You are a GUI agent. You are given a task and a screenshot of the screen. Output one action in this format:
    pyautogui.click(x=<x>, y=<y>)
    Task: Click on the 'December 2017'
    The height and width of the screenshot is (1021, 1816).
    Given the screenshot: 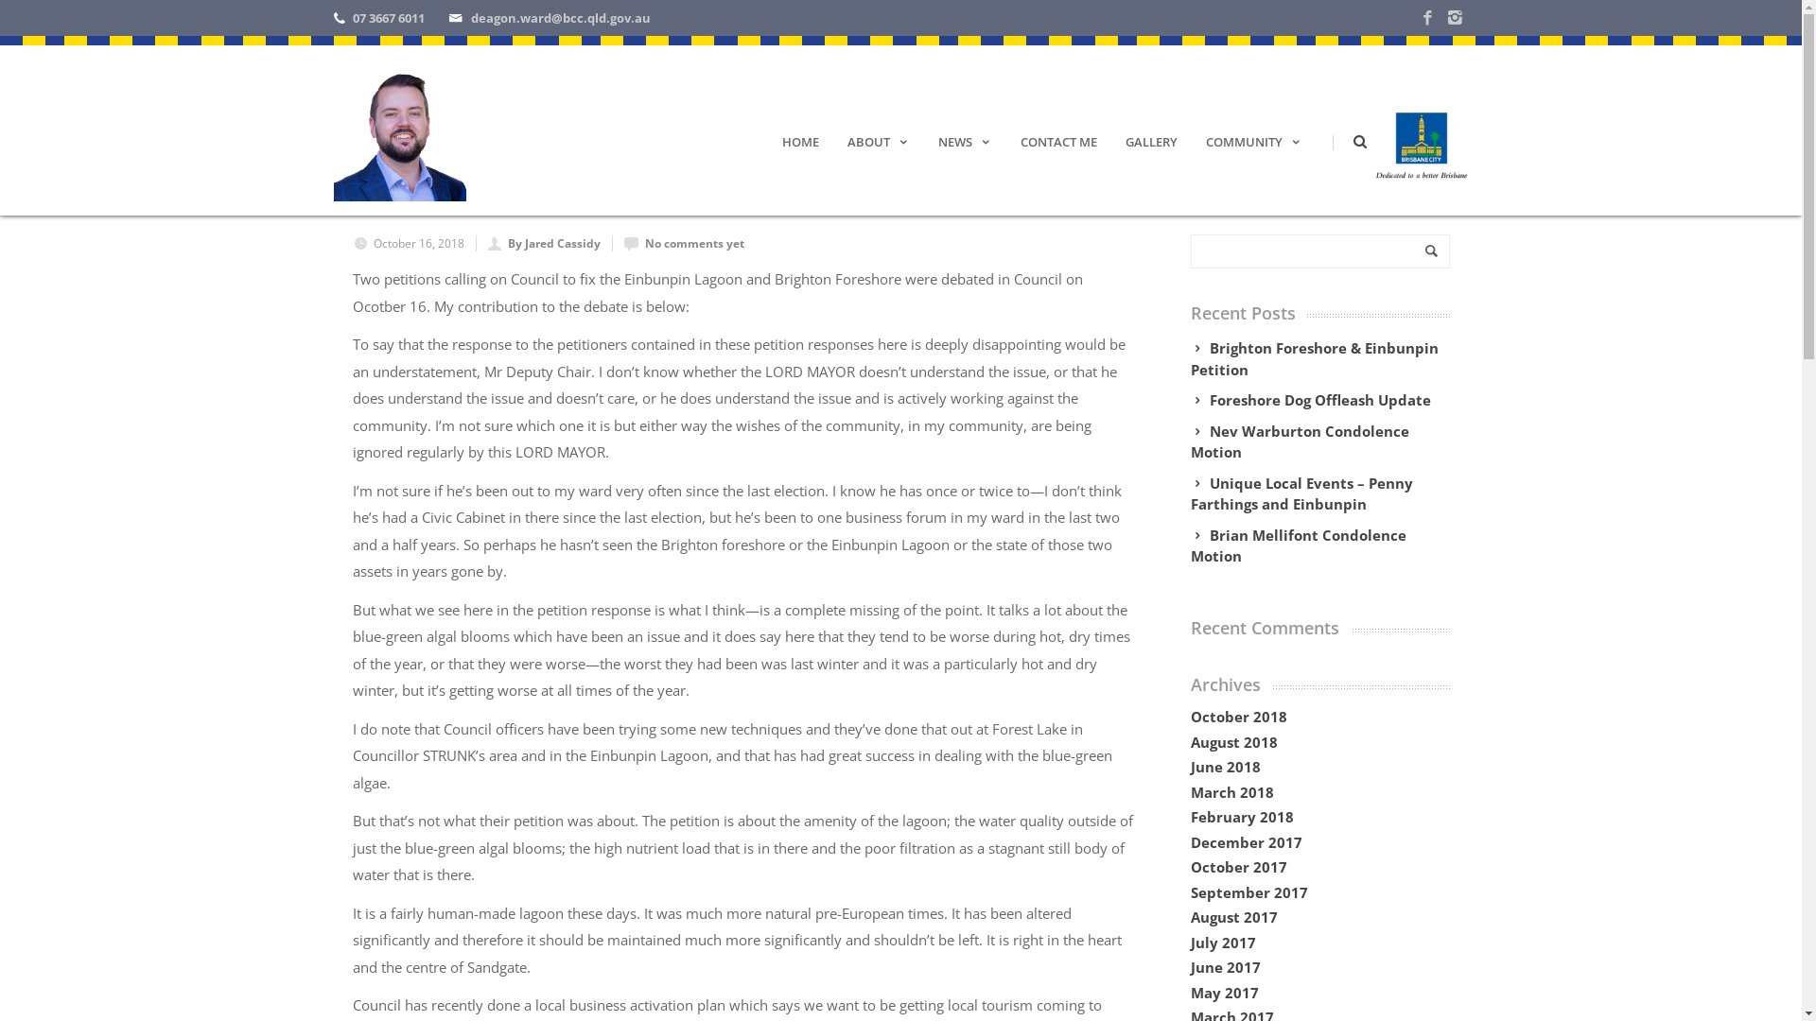 What is the action you would take?
    pyautogui.click(x=1245, y=841)
    